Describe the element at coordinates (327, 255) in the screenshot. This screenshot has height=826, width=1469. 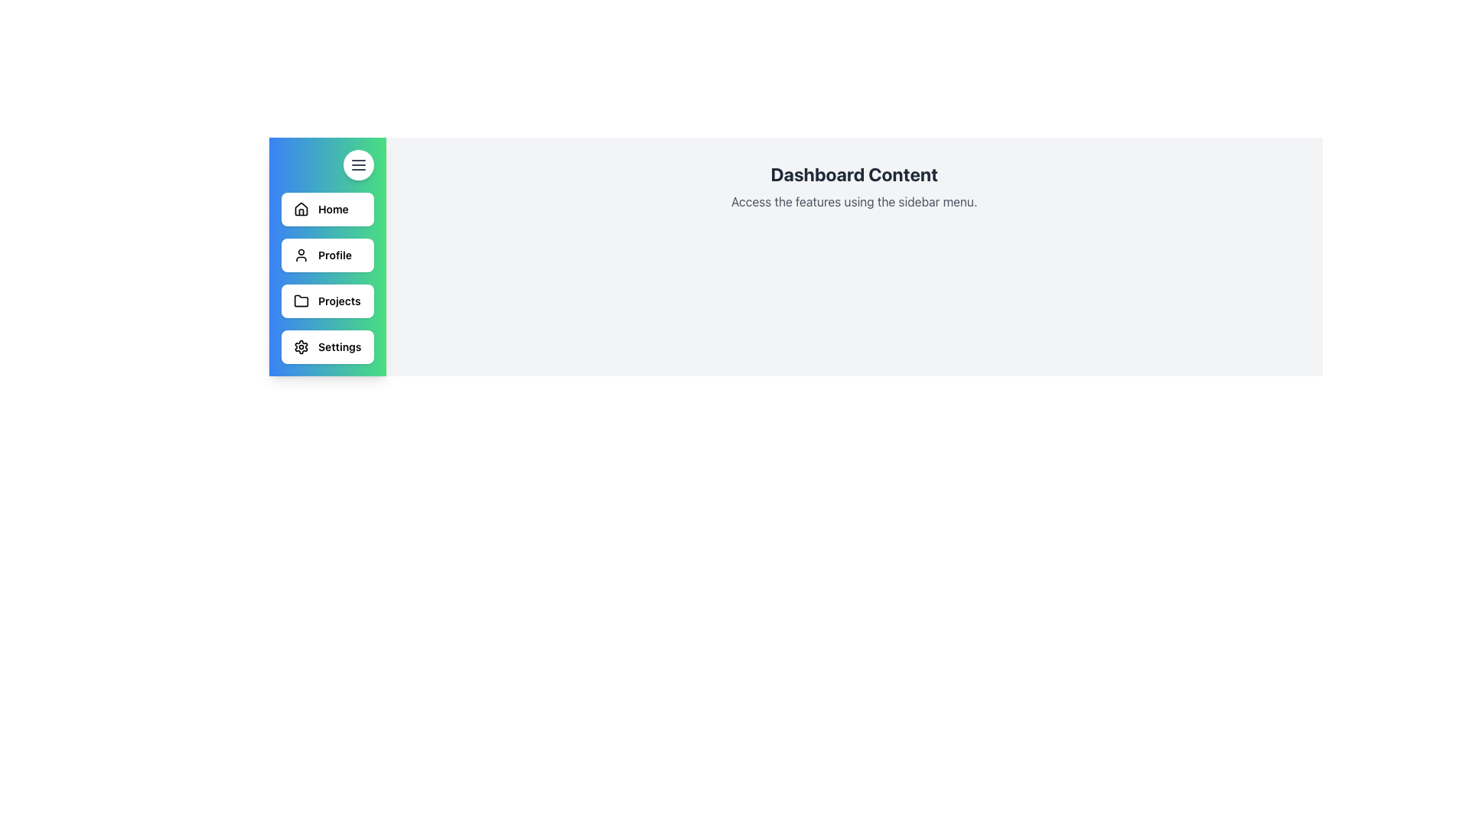
I see `the second button in the vertical list on the left-hand side of the interface` at that location.